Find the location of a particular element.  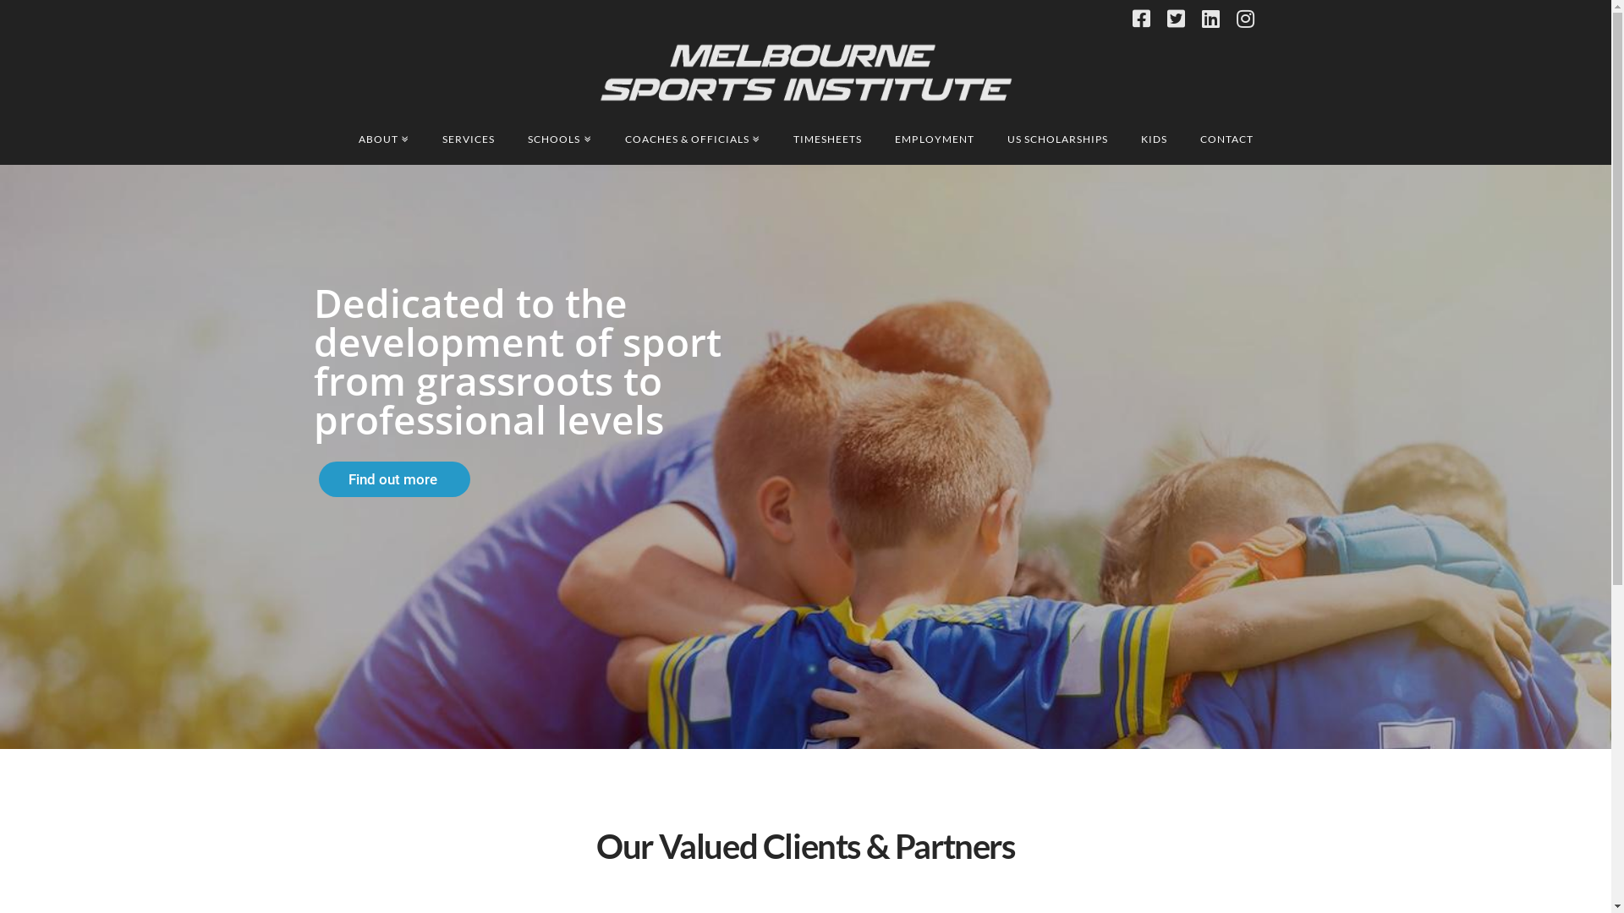

'Facebook' is located at coordinates (1140, 19).